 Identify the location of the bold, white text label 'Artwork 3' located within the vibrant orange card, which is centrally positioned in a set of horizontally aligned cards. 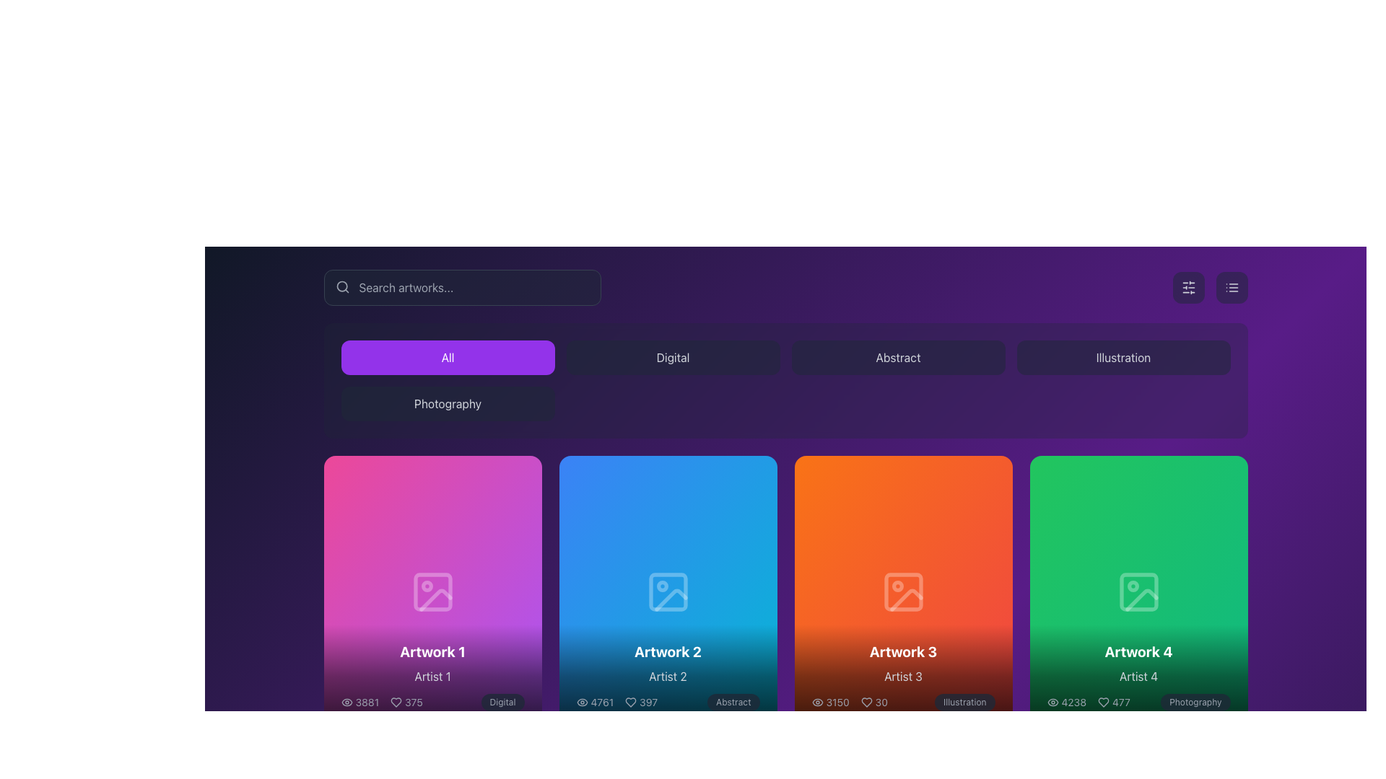
(902, 651).